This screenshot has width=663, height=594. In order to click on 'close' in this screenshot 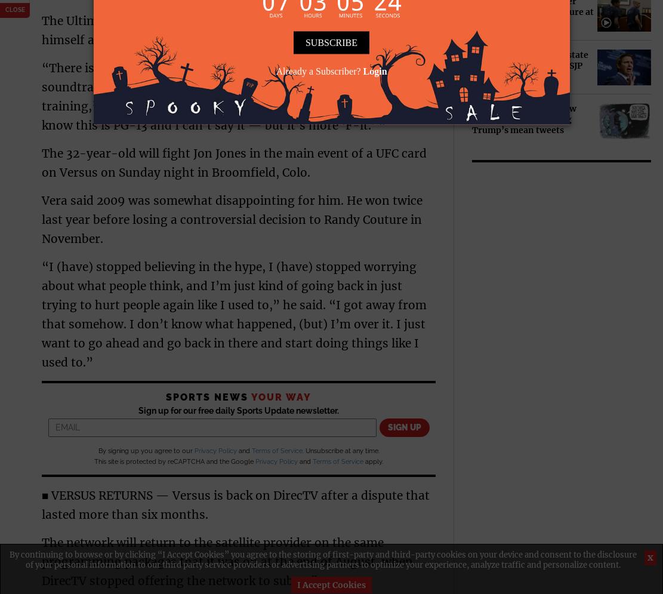, I will do `click(14, 10)`.